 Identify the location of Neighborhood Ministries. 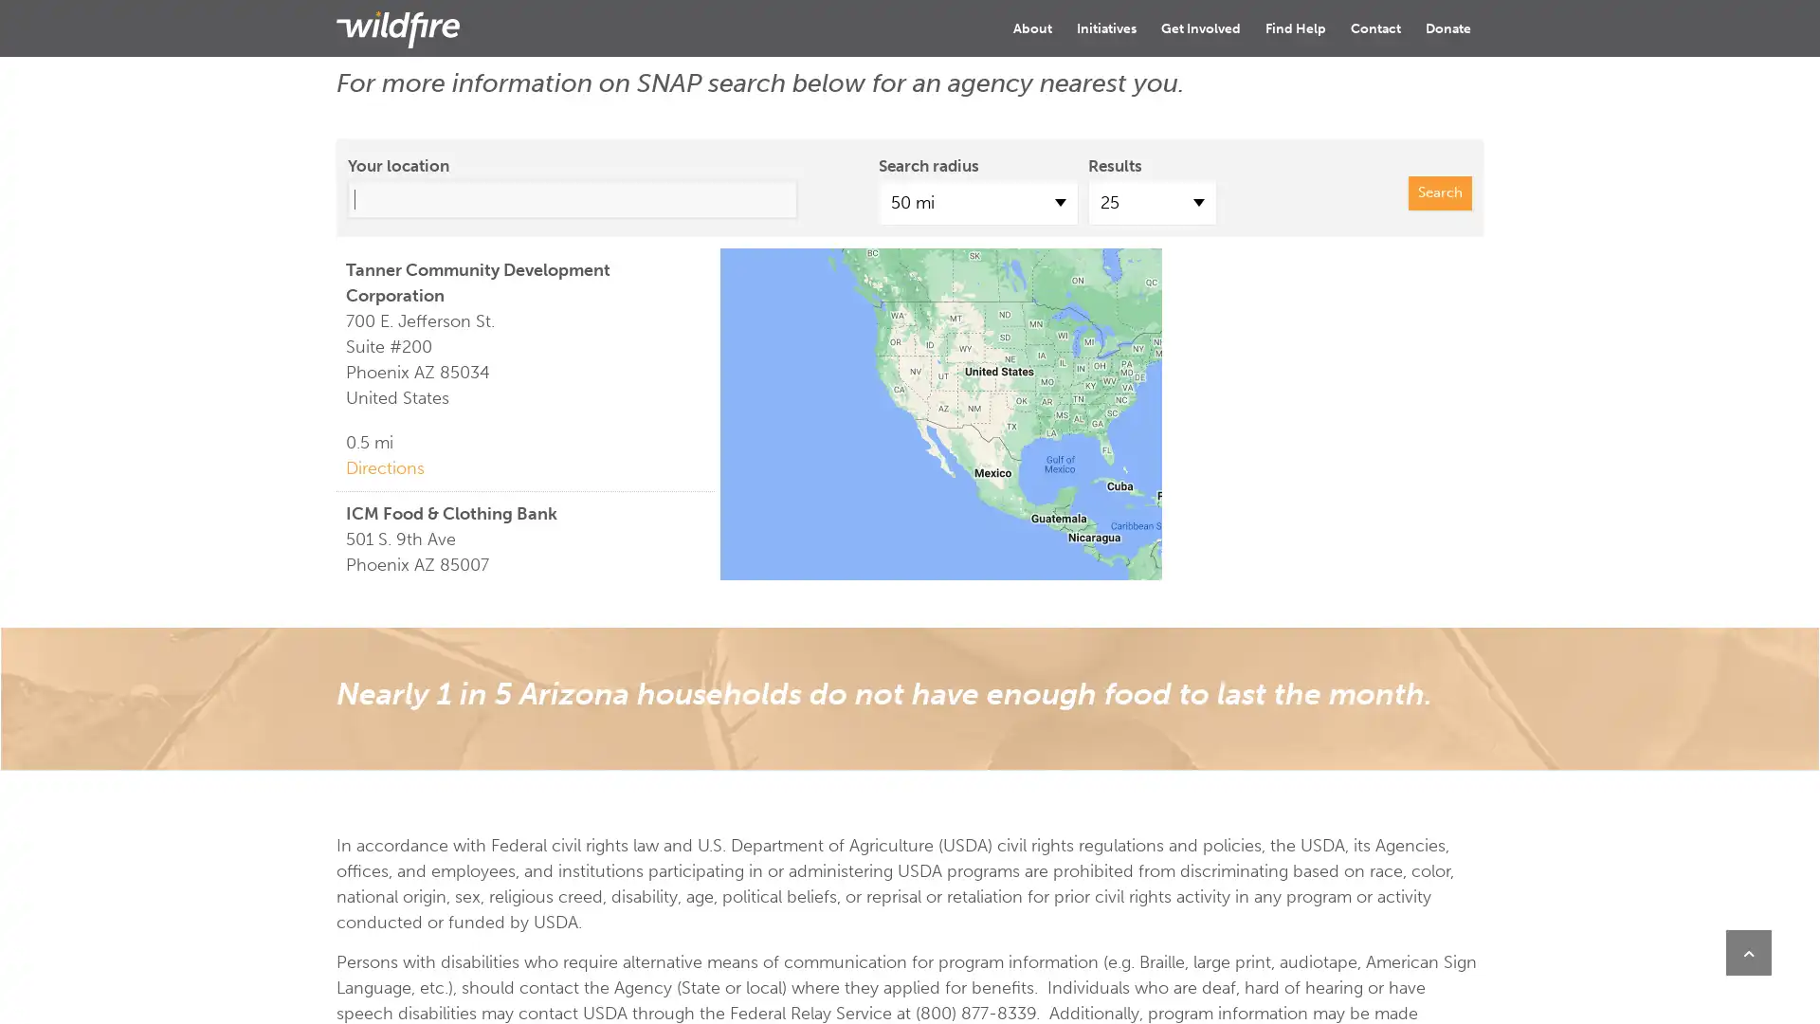
(1073, 396).